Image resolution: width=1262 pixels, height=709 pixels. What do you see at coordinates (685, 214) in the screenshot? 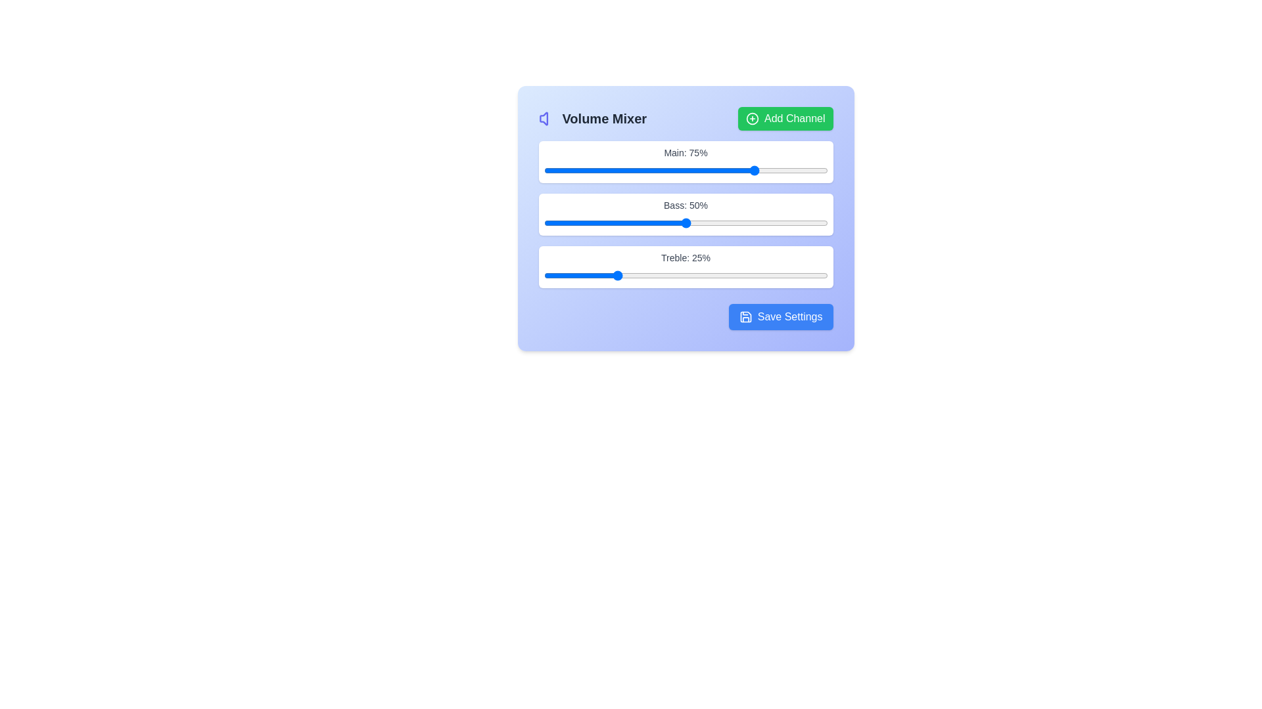
I see `the sliders labeled 'Main', 'Bass', and 'Treble'` at bounding box center [685, 214].